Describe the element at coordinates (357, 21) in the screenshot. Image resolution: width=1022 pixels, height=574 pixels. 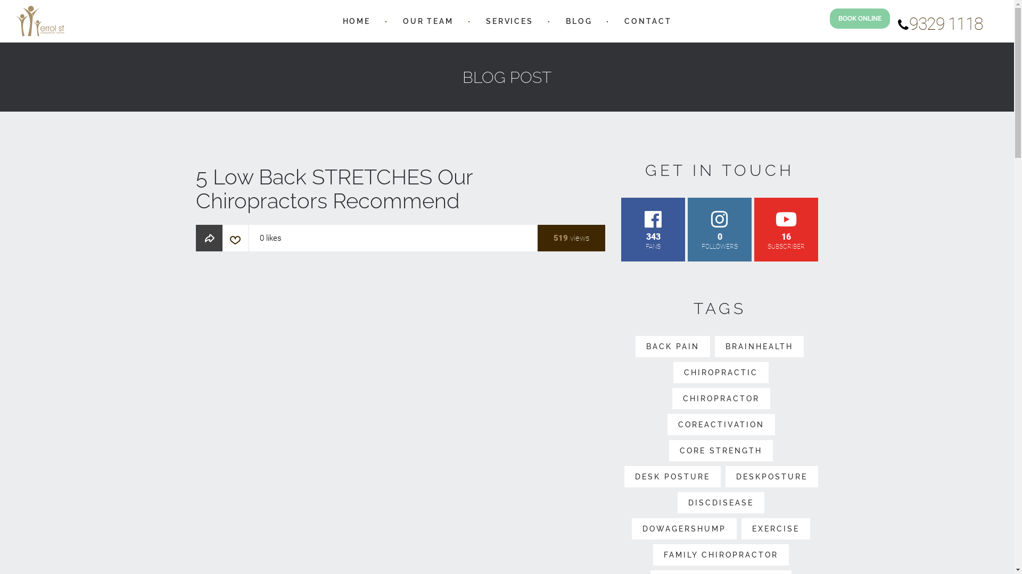
I see `'HOME'` at that location.